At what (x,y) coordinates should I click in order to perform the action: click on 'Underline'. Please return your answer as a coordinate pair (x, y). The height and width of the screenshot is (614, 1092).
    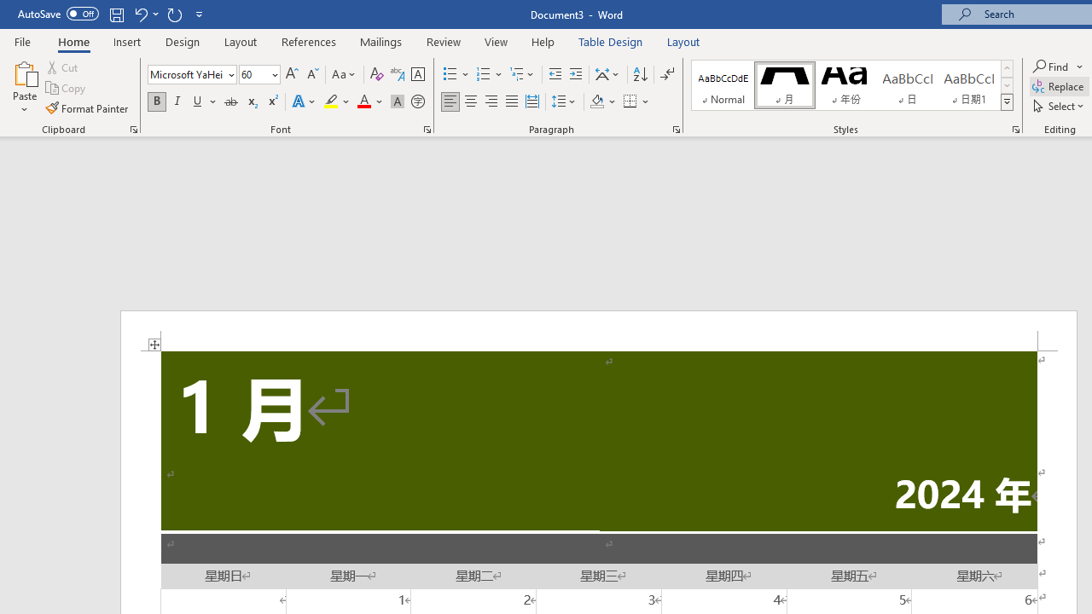
    Looking at the image, I should click on (198, 101).